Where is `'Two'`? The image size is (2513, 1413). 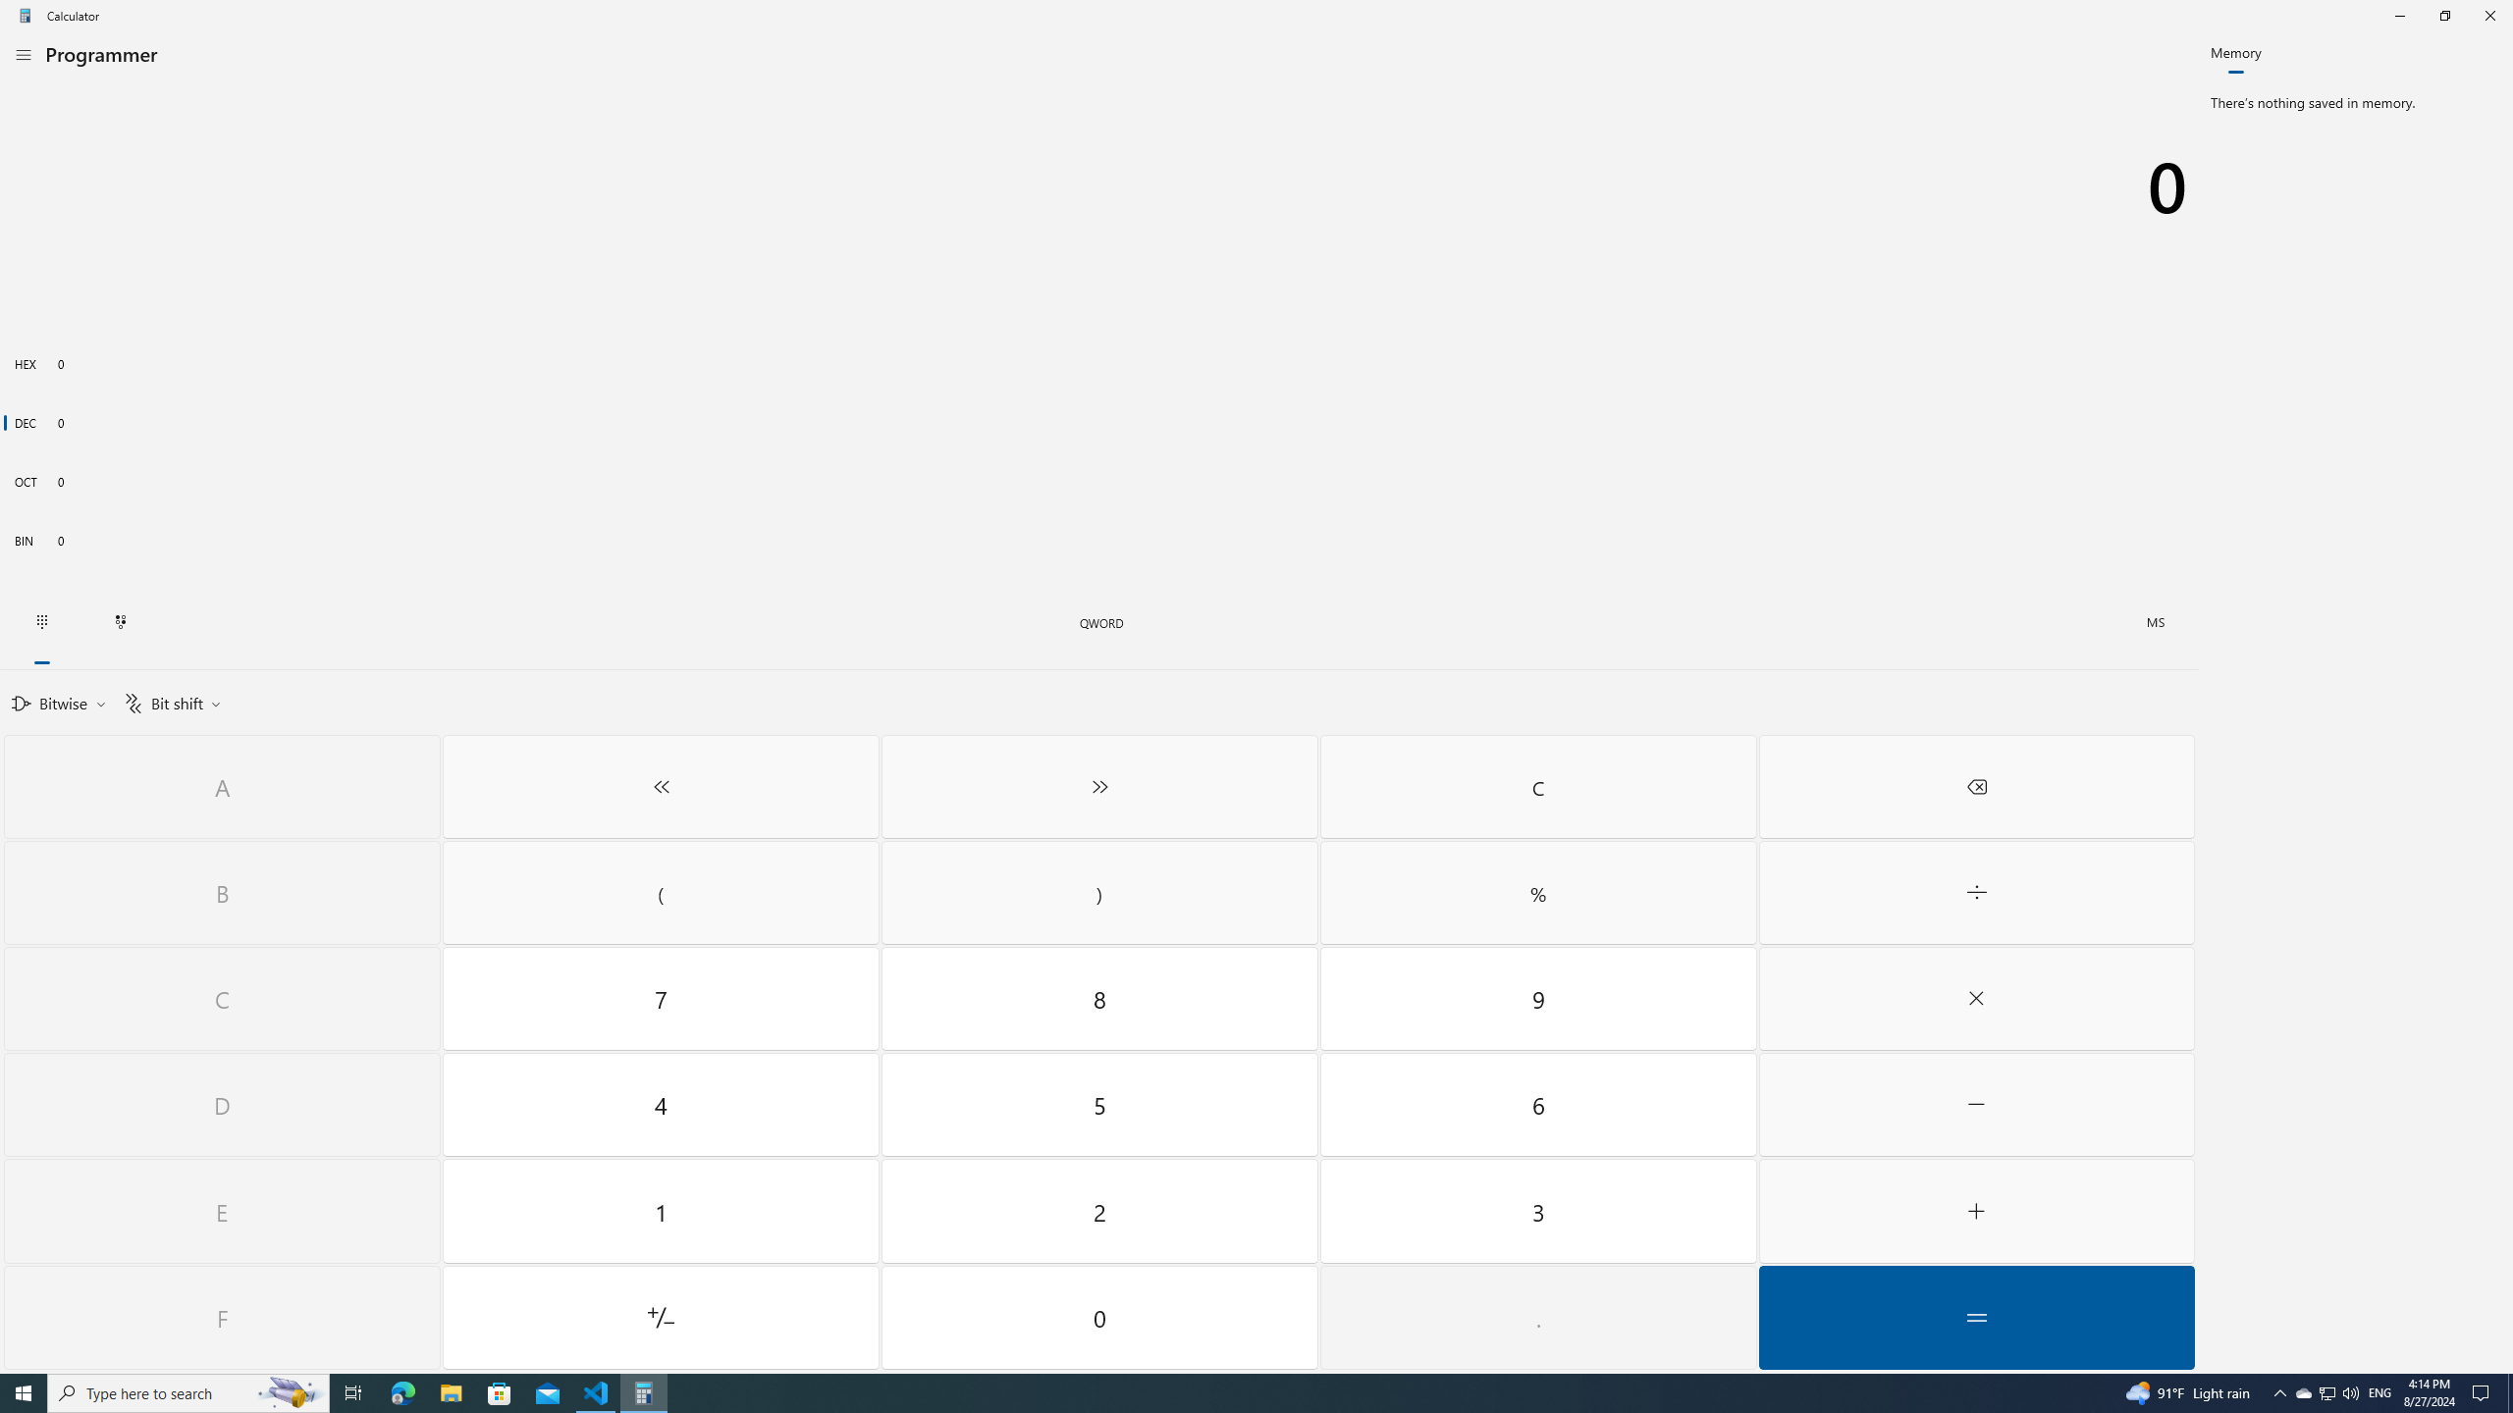
'Two' is located at coordinates (1100, 1210).